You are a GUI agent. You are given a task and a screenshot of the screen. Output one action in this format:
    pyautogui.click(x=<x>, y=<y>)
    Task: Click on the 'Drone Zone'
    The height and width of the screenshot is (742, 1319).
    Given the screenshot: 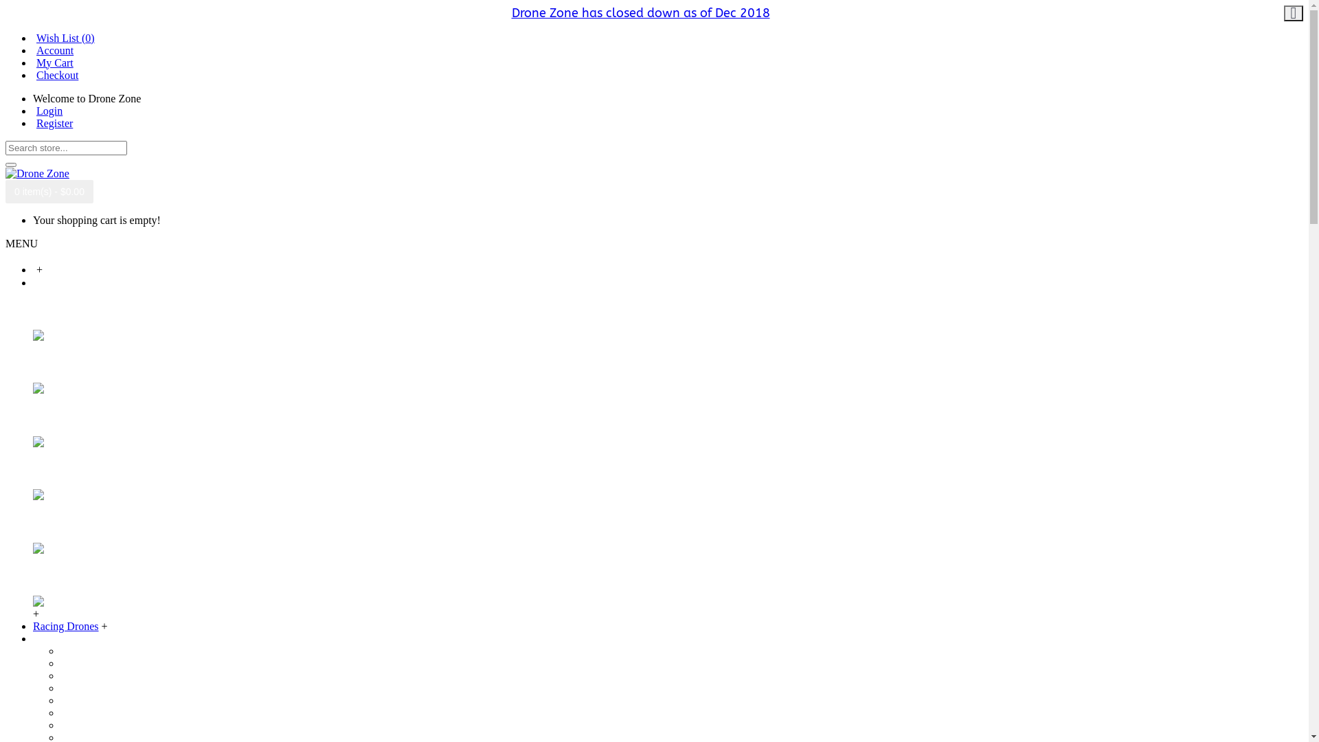 What is the action you would take?
    pyautogui.click(x=37, y=173)
    